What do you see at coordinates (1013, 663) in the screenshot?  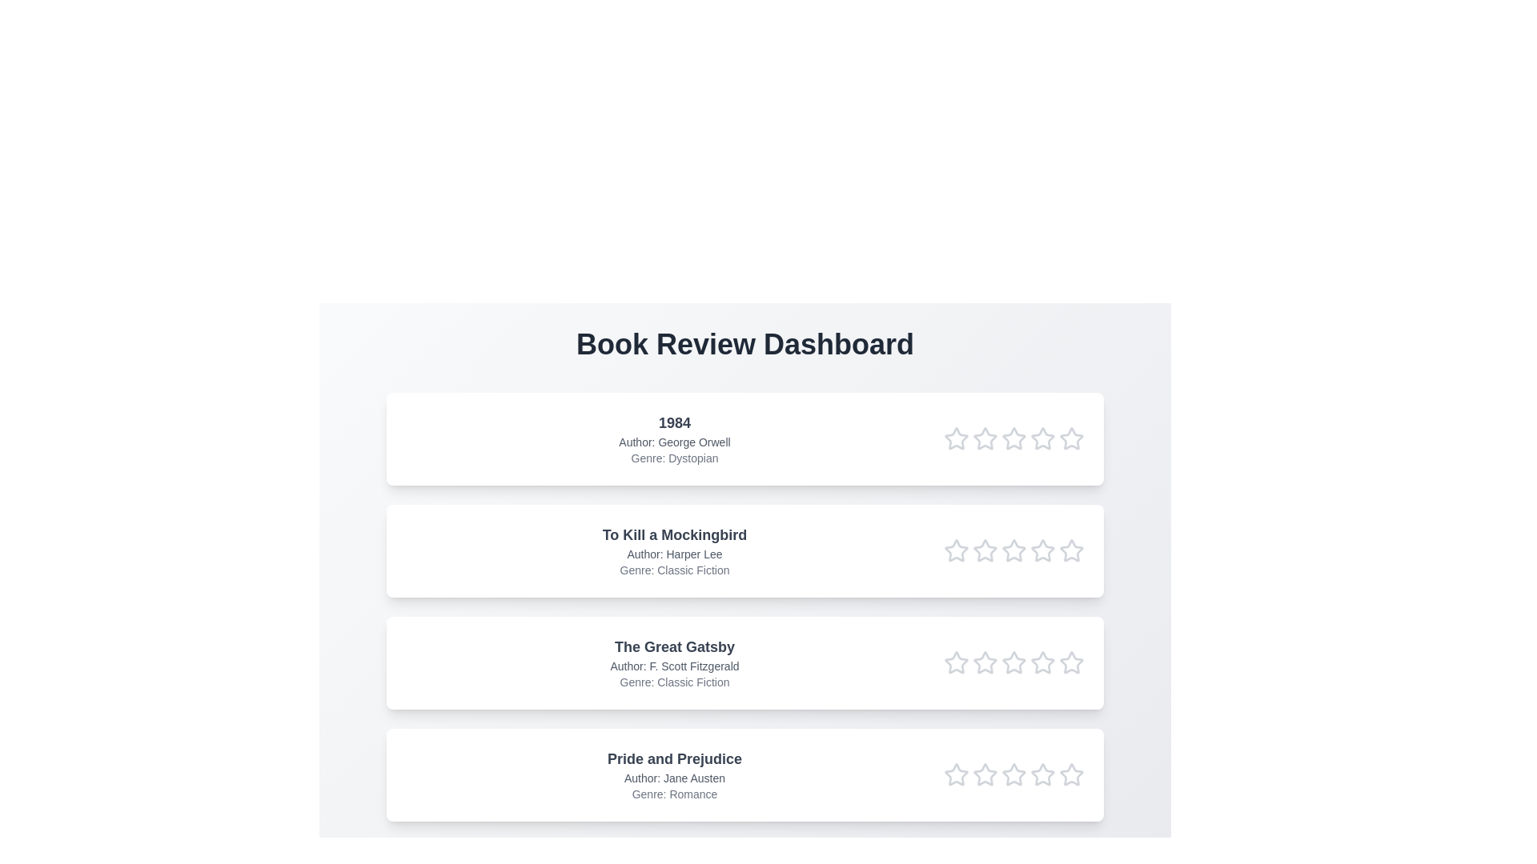 I see `the star corresponding to 3 in the rating row of the book titled The Great Gatsby` at bounding box center [1013, 663].